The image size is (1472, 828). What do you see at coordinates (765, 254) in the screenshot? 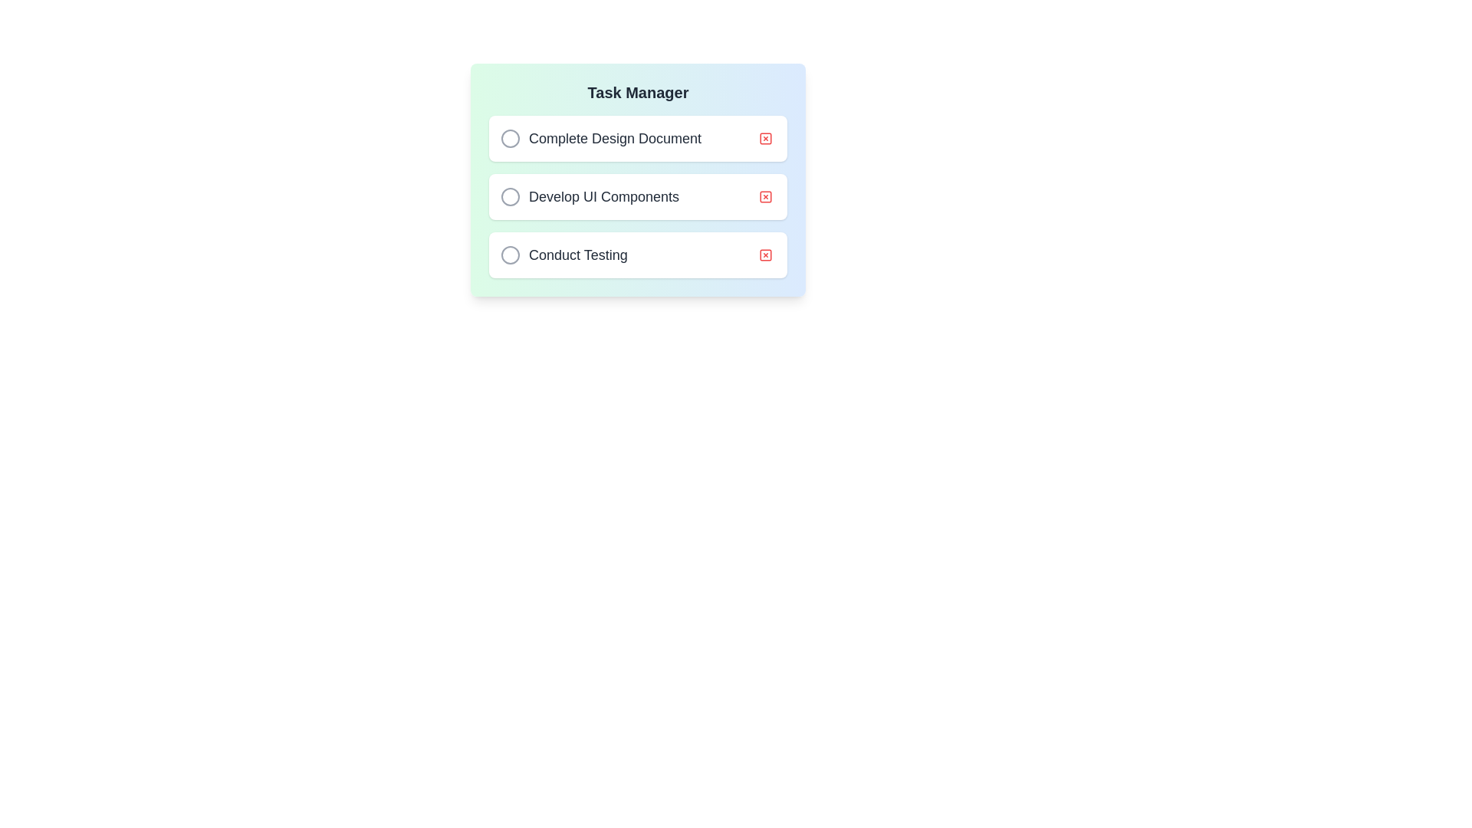
I see `the deletion button located at the far right of the task labeled 'Conduct Testing'` at bounding box center [765, 254].